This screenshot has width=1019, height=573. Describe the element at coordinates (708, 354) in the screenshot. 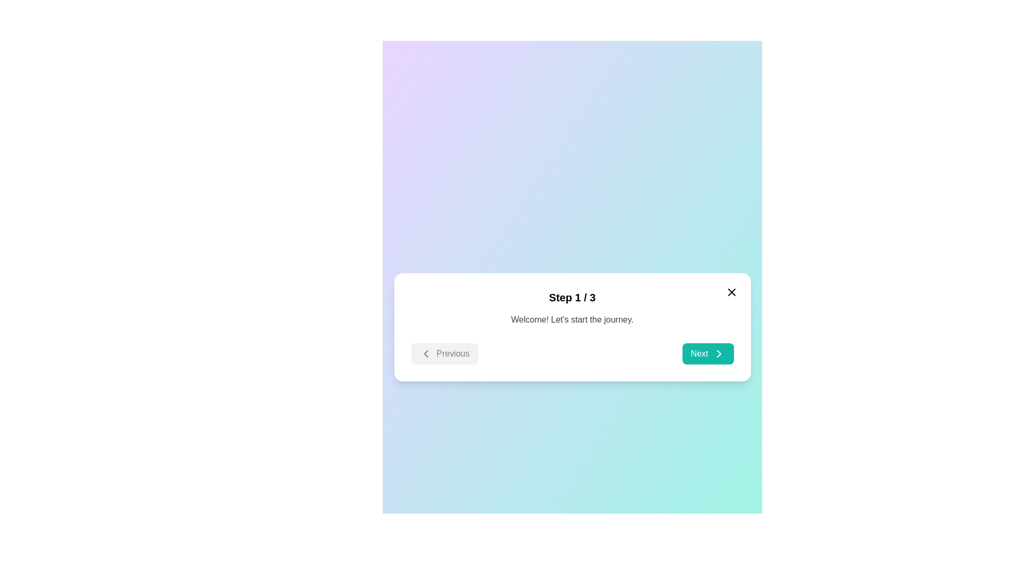

I see `the 'Next' button to navigate to the next step` at that location.